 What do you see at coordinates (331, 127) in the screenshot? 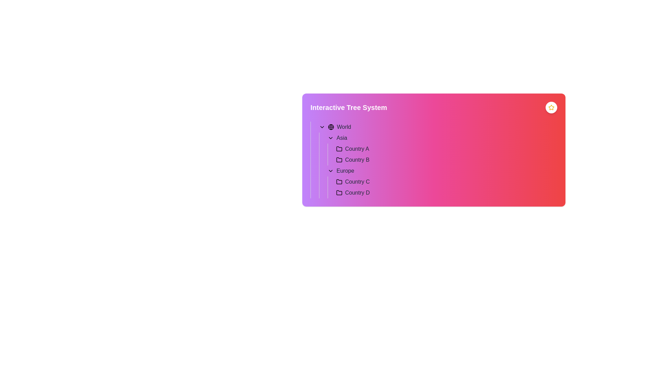
I see `the small circular SVG graphical element located at the upper left corner of the highlighted section of the globe icon` at bounding box center [331, 127].